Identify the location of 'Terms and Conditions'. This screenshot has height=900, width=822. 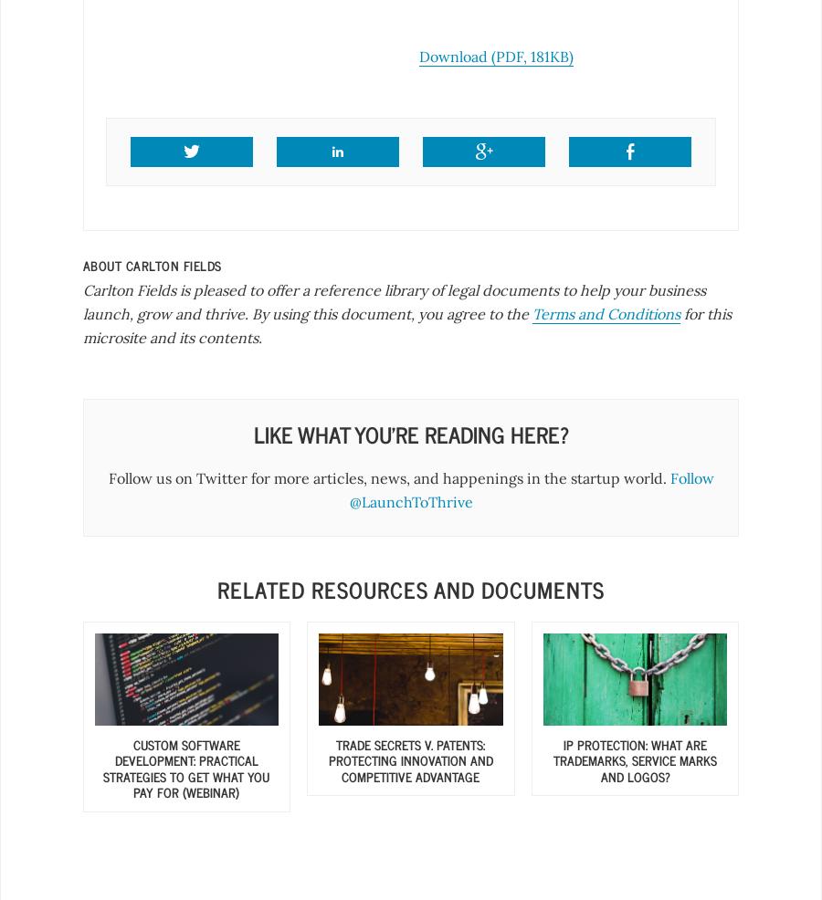
(606, 313).